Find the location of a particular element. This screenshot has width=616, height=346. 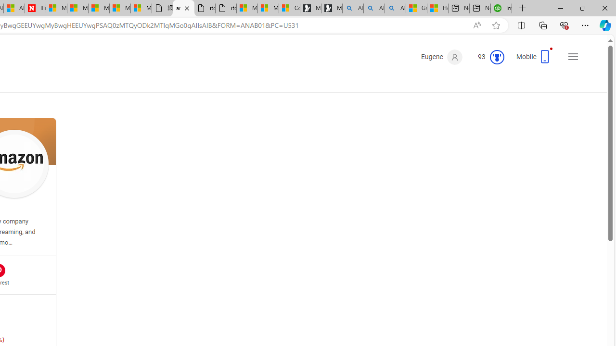

'Alabama high school quarterback dies - Search Videos' is located at coordinates (395, 8).